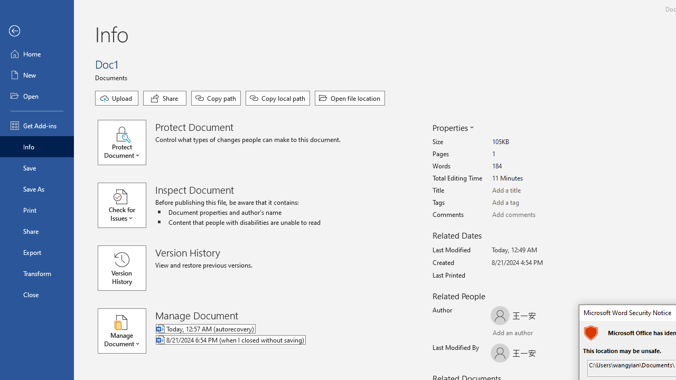 The width and height of the screenshot is (676, 380). I want to click on 'Print', so click(36, 210).